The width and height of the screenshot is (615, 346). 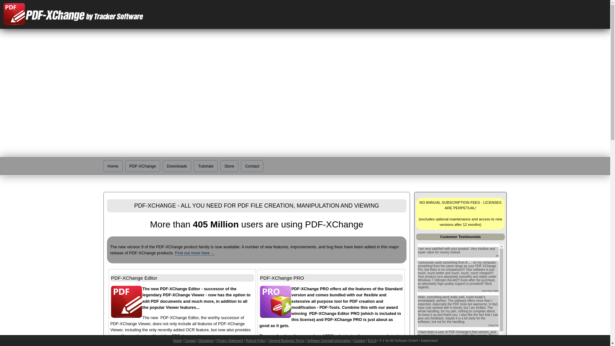 What do you see at coordinates (206, 340) in the screenshot?
I see `'Disclaimer'` at bounding box center [206, 340].